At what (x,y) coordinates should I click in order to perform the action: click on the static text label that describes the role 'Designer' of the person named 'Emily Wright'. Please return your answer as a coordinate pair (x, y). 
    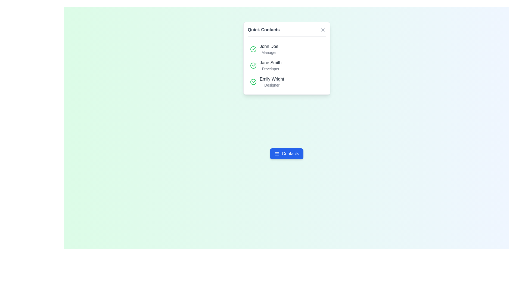
    Looking at the image, I should click on (272, 85).